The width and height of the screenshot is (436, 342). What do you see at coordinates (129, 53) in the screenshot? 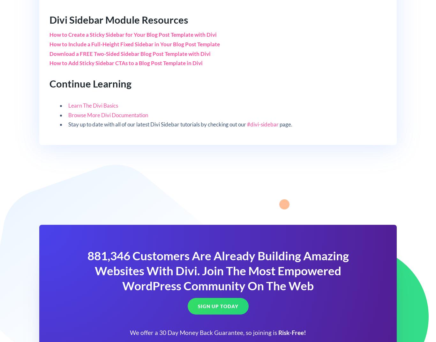
I see `'Download a FREE Two-Sided Sidebar Blog Post Template with Divi'` at bounding box center [129, 53].